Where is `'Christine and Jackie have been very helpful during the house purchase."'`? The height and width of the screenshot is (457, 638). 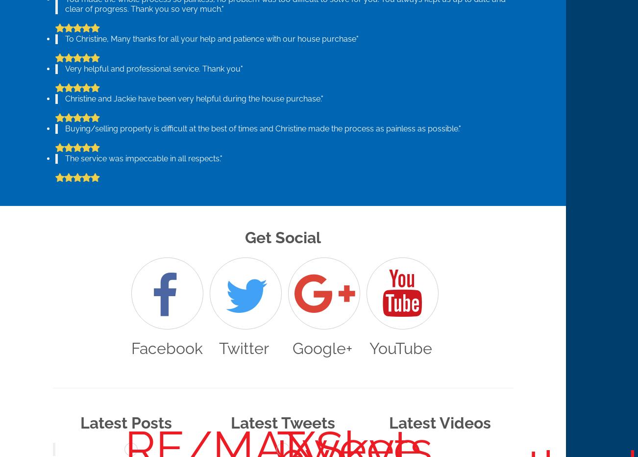
'Christine and Jackie have been very helpful during the house purchase."' is located at coordinates (193, 99).